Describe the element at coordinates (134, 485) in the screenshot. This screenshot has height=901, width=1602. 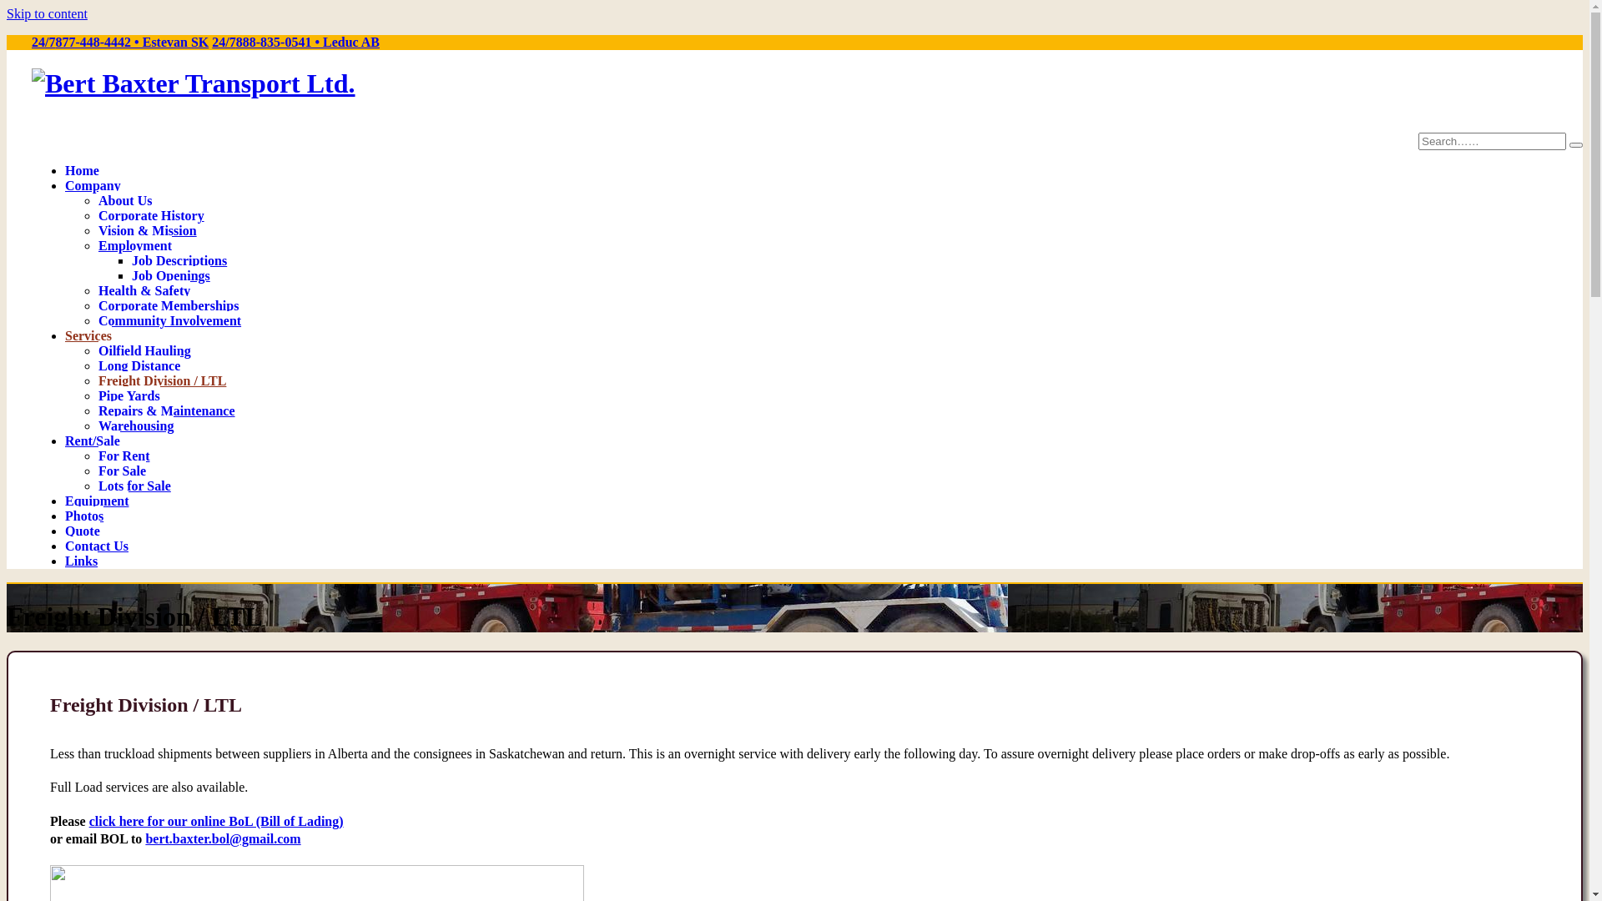
I see `'Lots for Sale'` at that location.